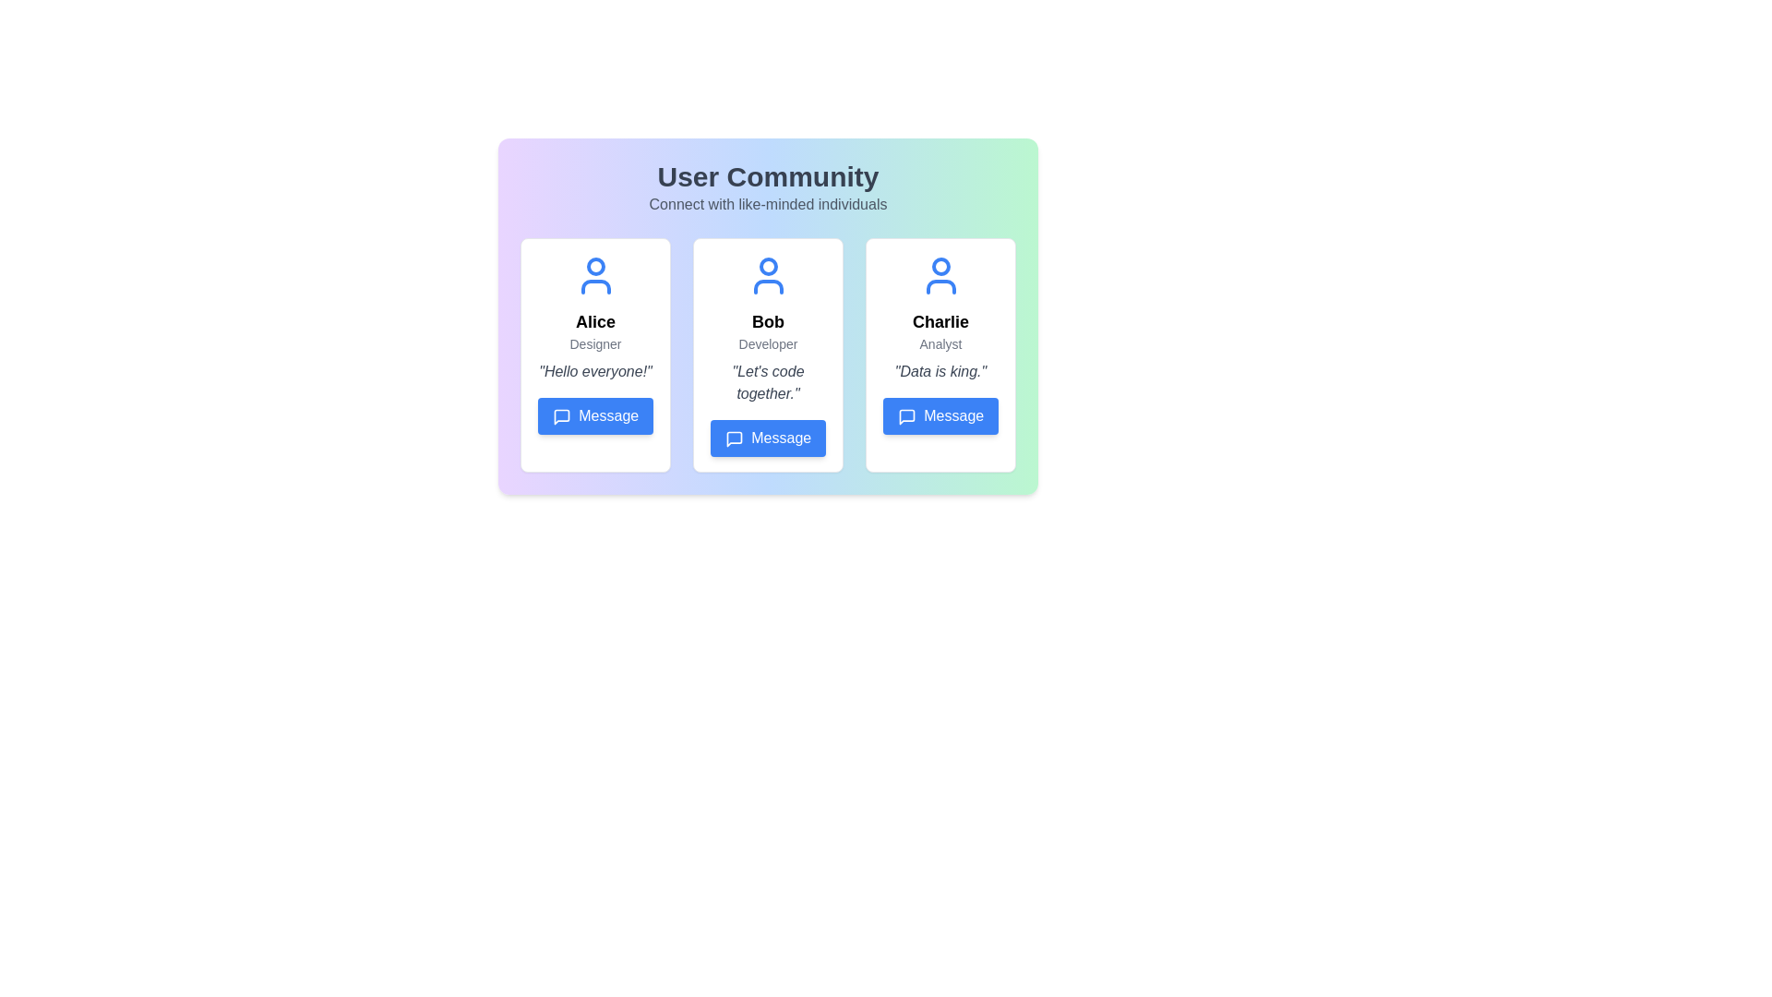 This screenshot has width=1772, height=997. What do you see at coordinates (940, 320) in the screenshot?
I see `the bold text label displaying 'Charlie' located in the third user card, positioned below the user icon and above the designation text 'Analyst'` at bounding box center [940, 320].